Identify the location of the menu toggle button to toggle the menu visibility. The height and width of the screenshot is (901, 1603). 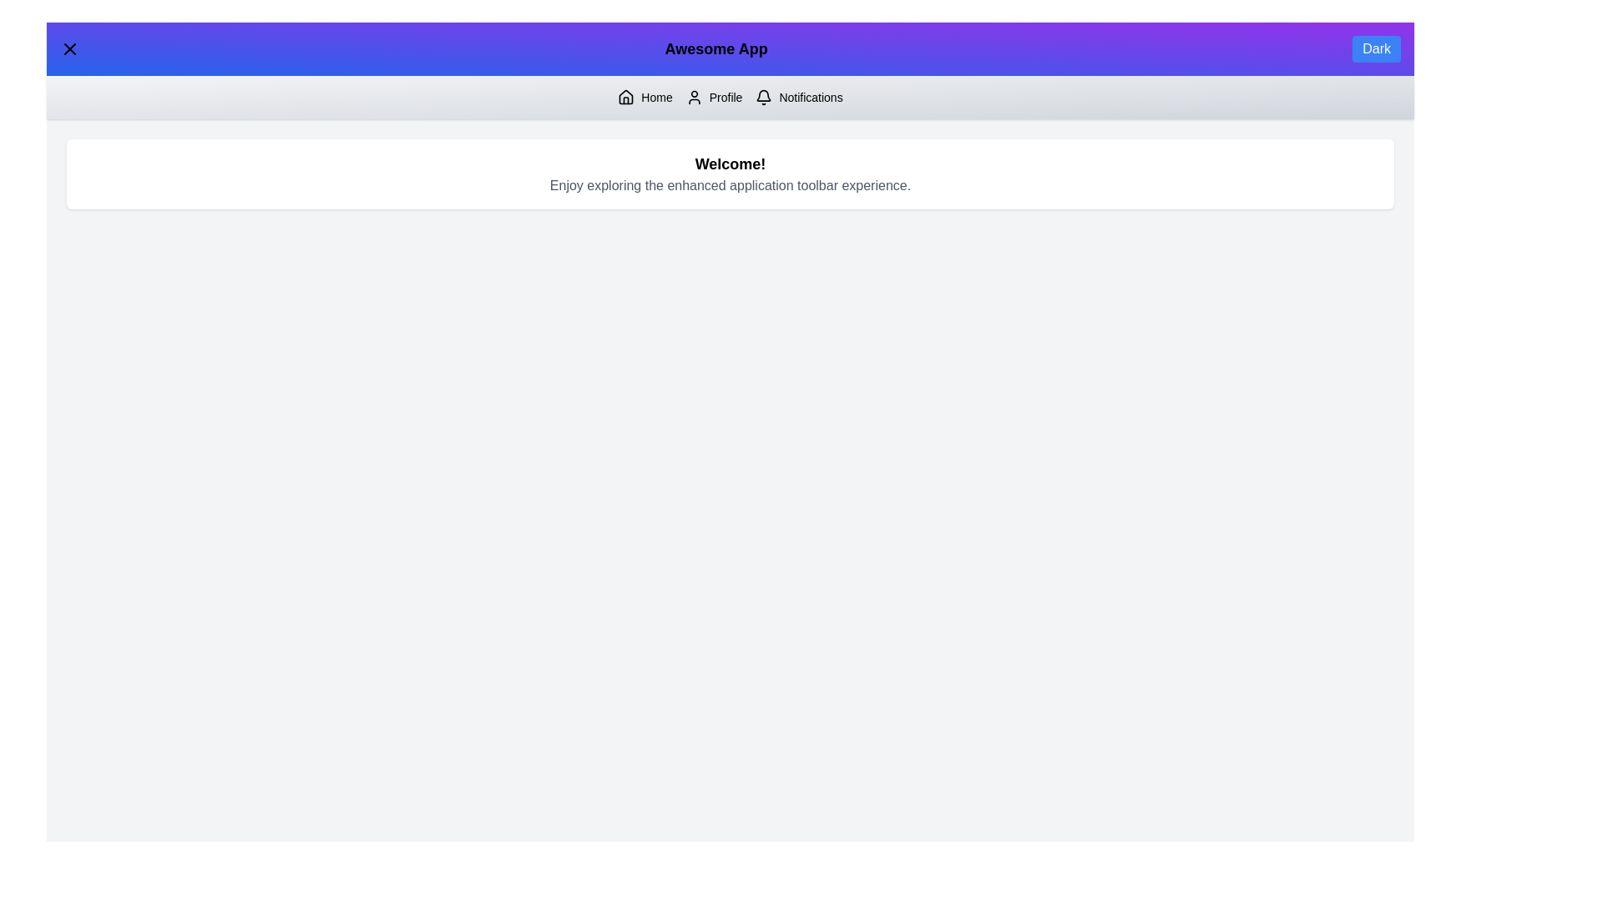
(68, 48).